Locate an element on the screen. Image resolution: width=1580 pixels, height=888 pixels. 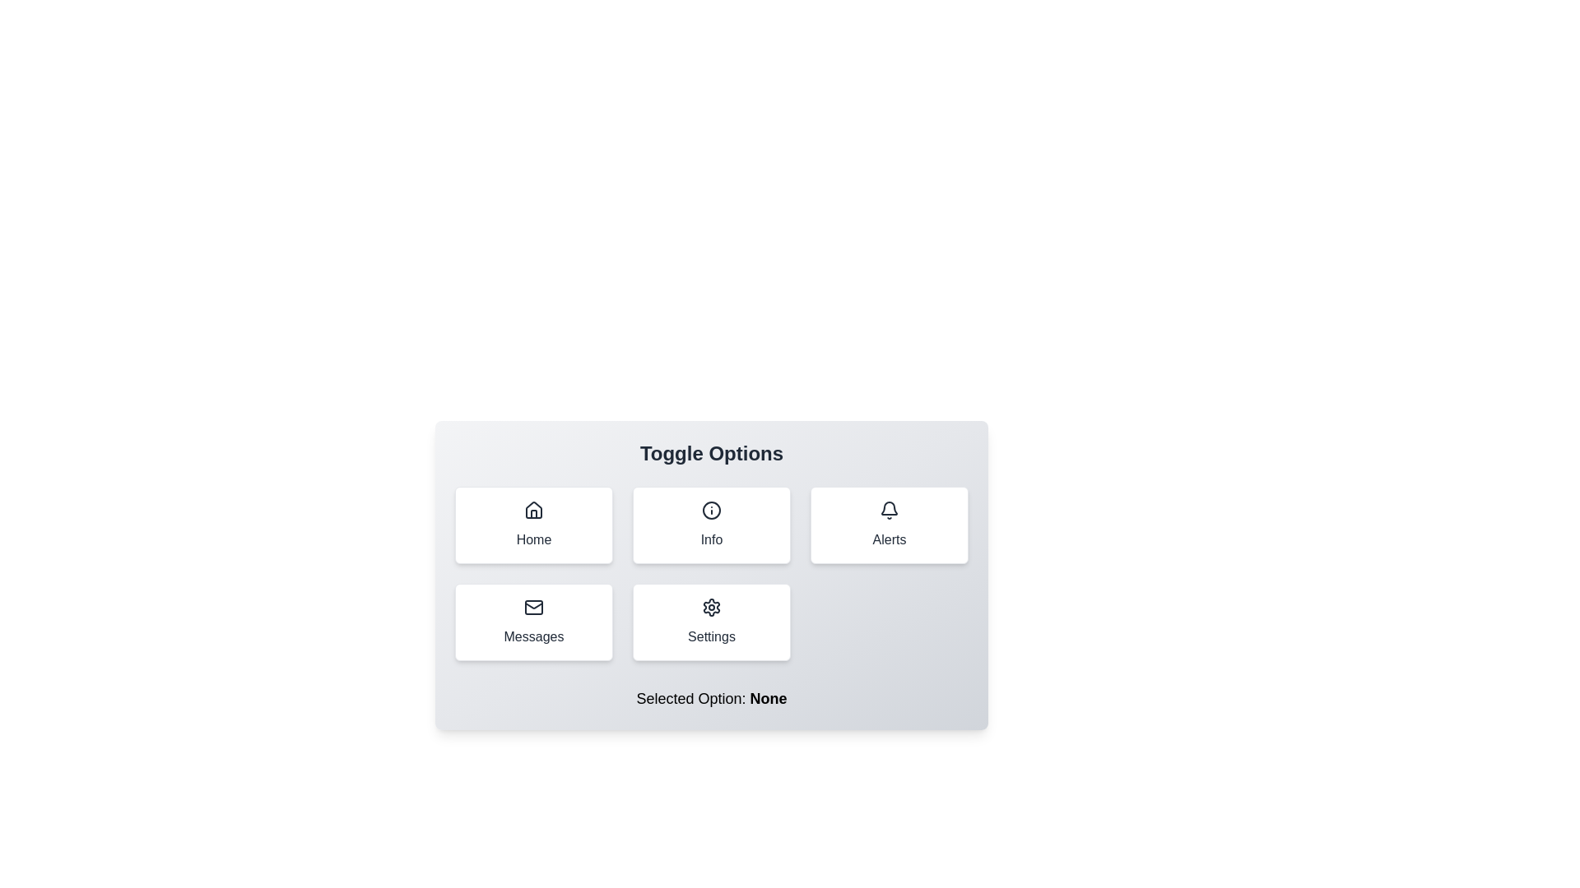
the 'Settings' button located in the center of the bottom row of a 3x2 grid layout is located at coordinates (711, 622).